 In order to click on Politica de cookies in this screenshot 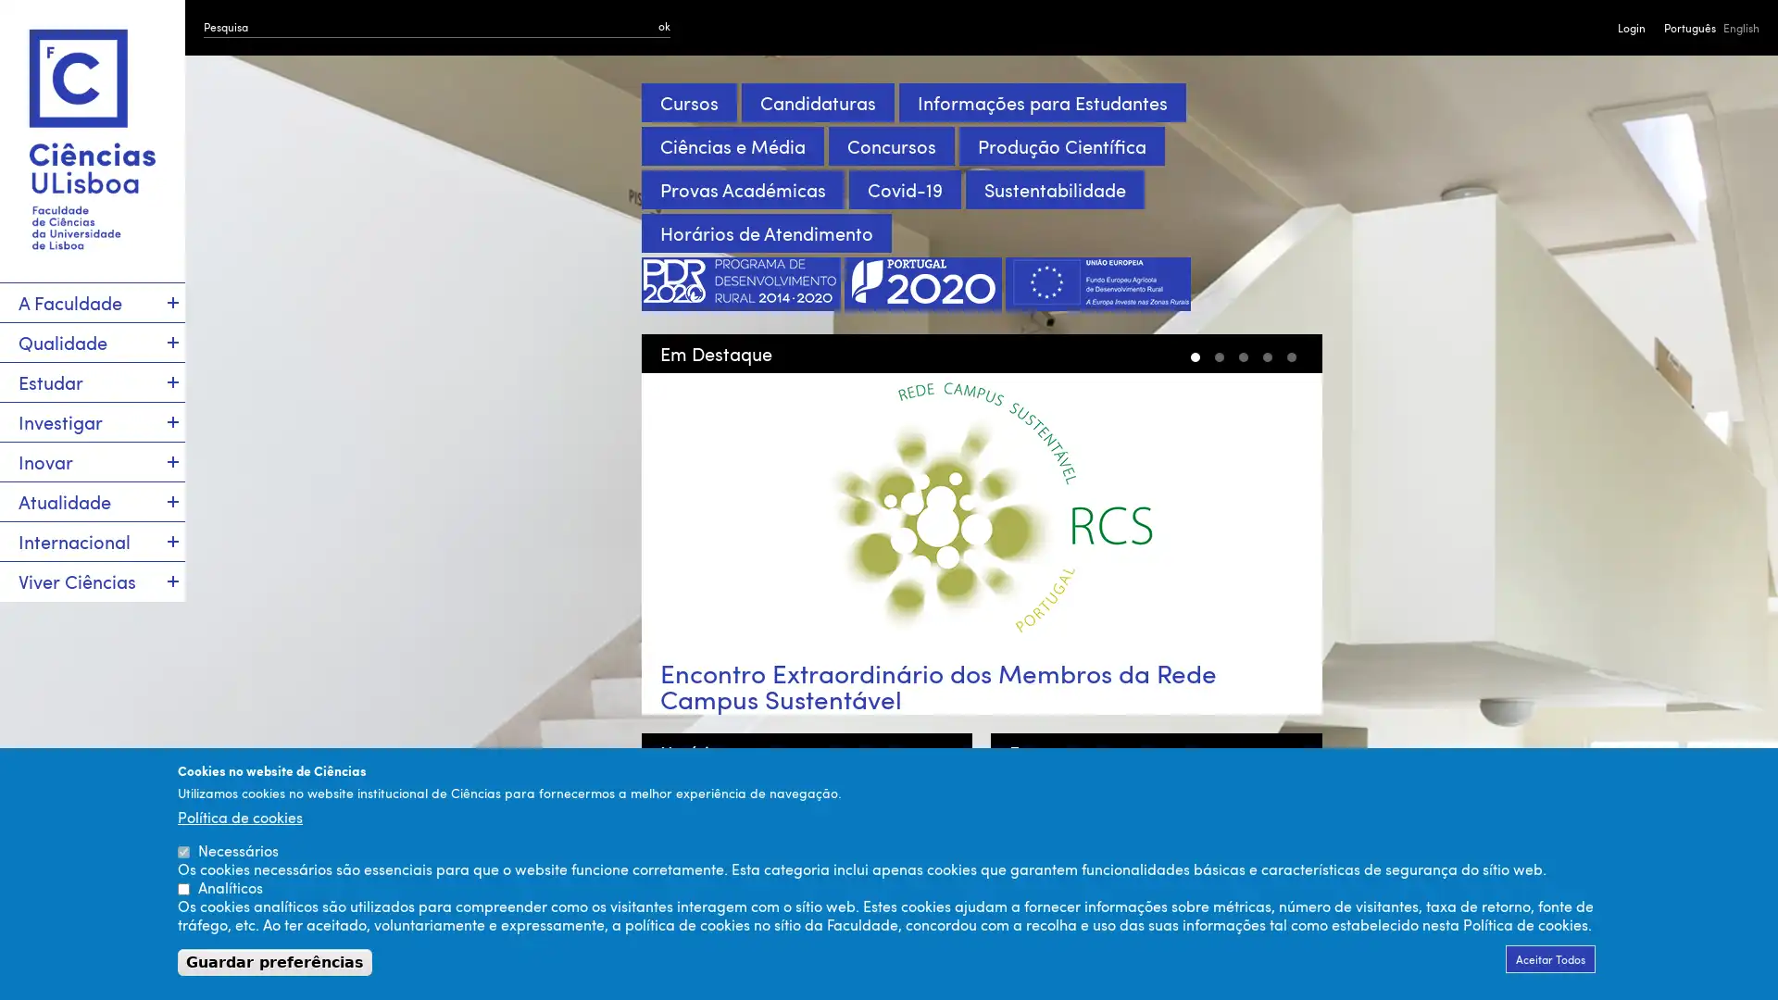, I will do `click(239, 816)`.